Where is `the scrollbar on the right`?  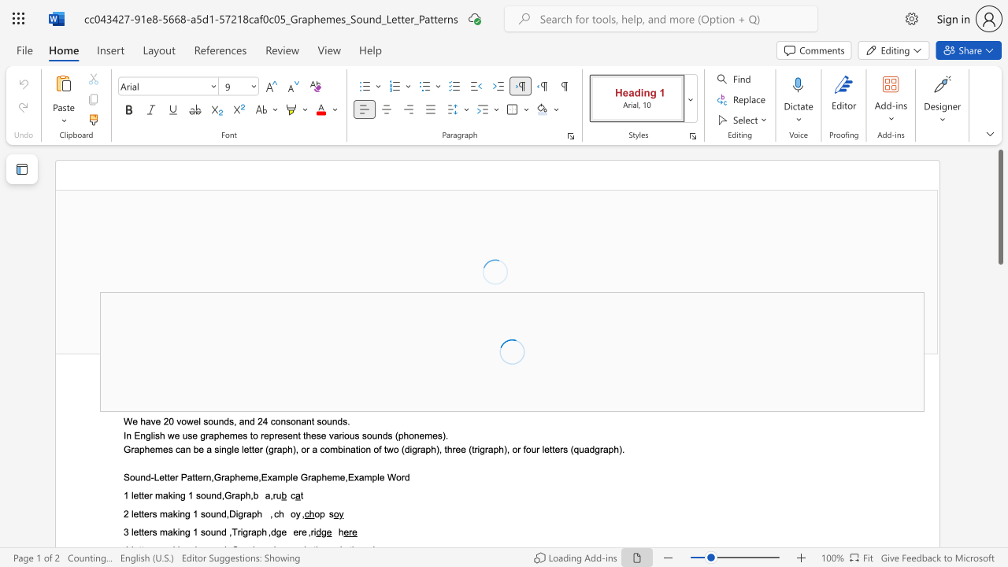 the scrollbar on the right is located at coordinates (999, 408).